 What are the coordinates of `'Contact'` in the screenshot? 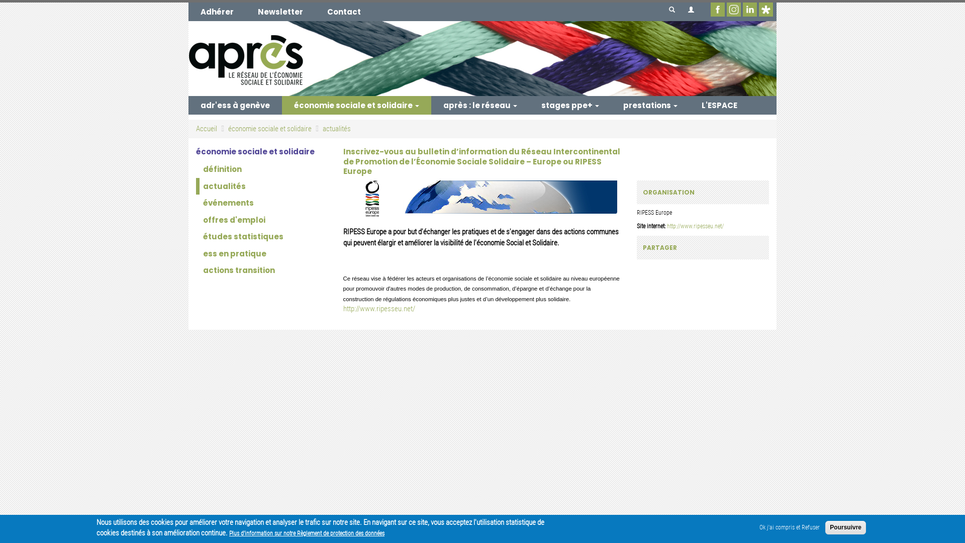 It's located at (344, 12).